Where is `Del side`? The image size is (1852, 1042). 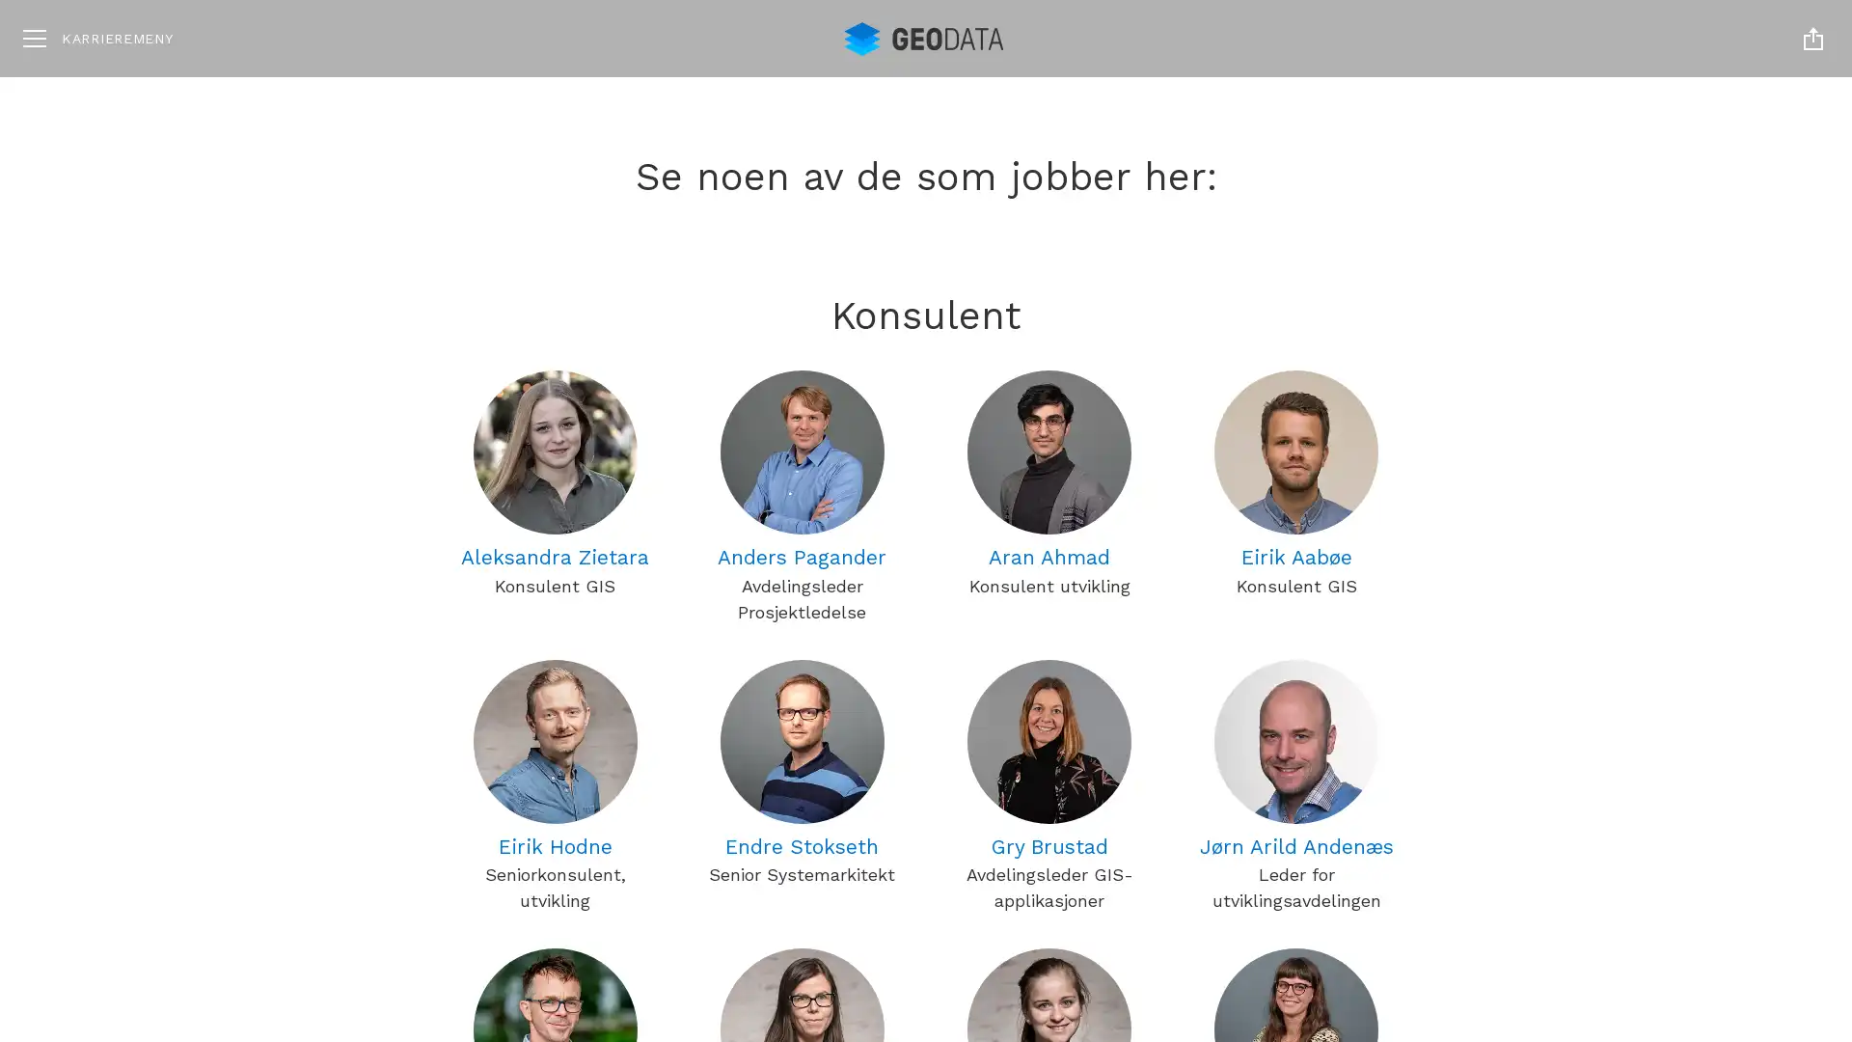 Del side is located at coordinates (1812, 38).